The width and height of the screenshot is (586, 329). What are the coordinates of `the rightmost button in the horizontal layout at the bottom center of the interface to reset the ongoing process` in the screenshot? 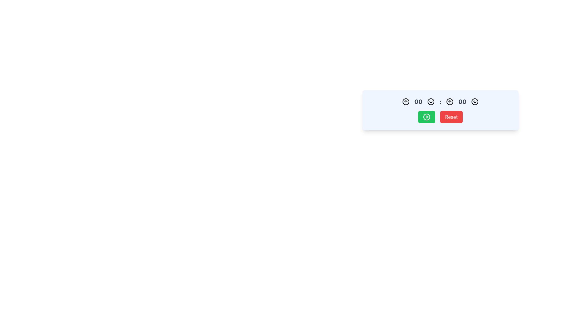 It's located at (451, 117).